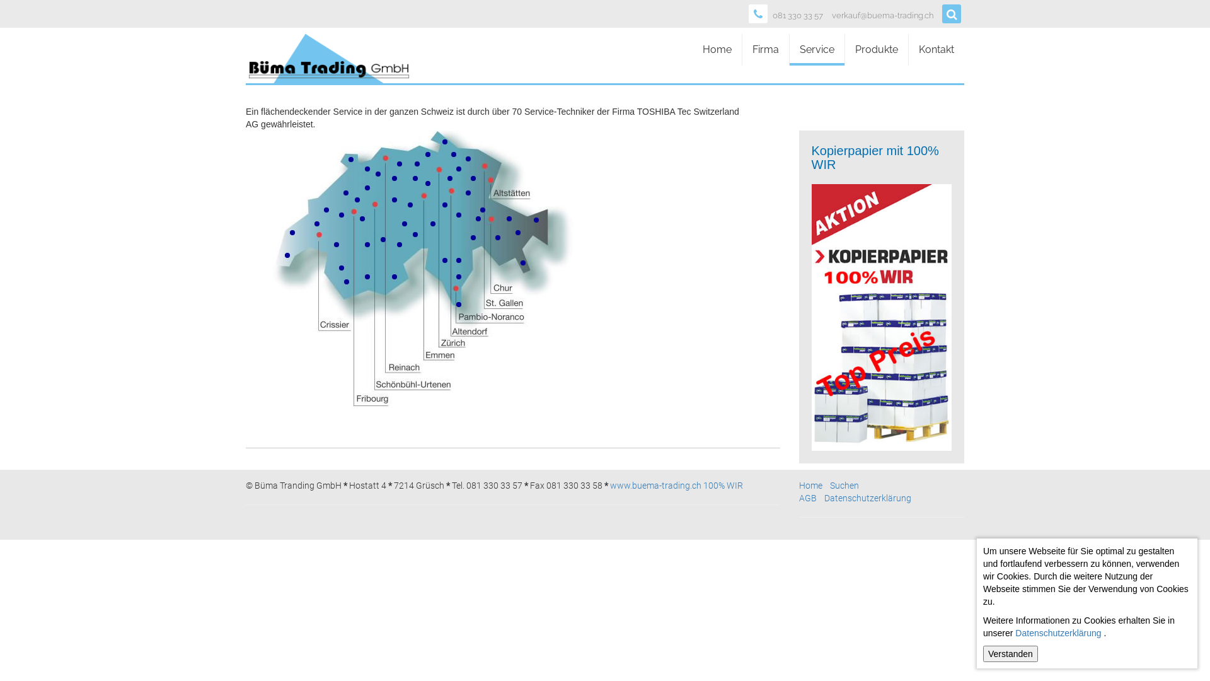 The height and width of the screenshot is (681, 1210). Describe the element at coordinates (936, 49) in the screenshot. I see `'Kontakt'` at that location.